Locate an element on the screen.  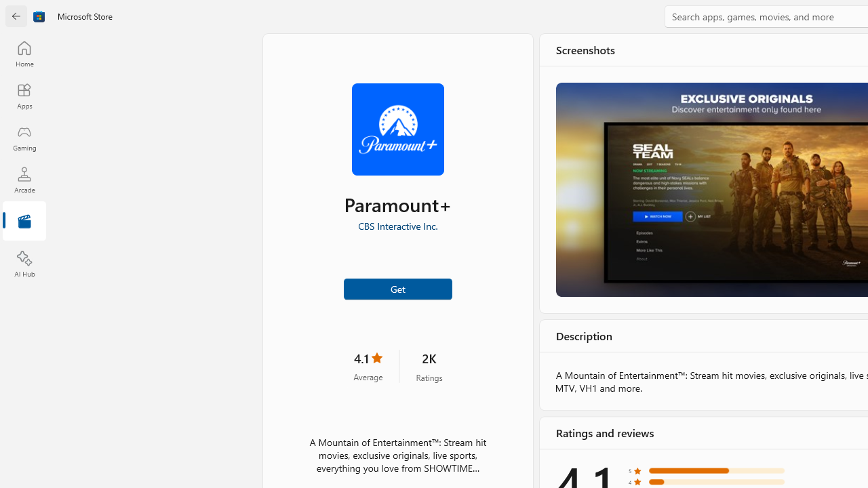
'Get' is located at coordinates (397, 287).